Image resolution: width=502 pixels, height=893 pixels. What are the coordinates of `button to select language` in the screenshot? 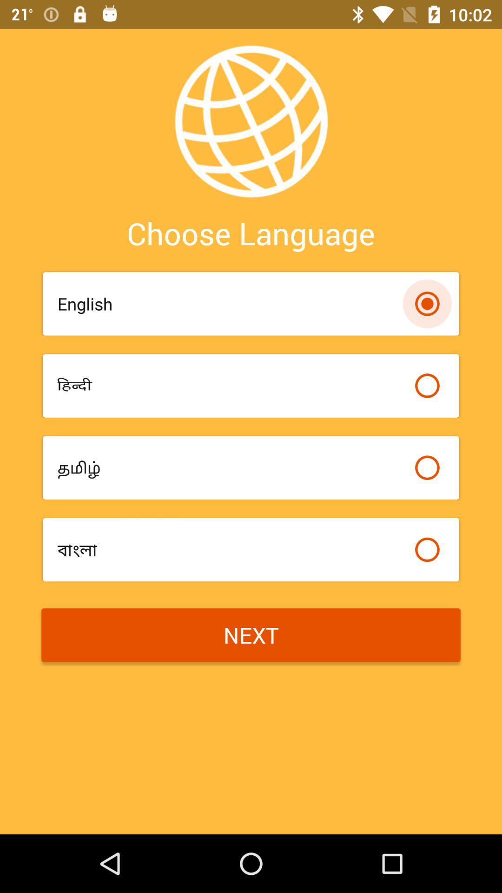 It's located at (427, 386).